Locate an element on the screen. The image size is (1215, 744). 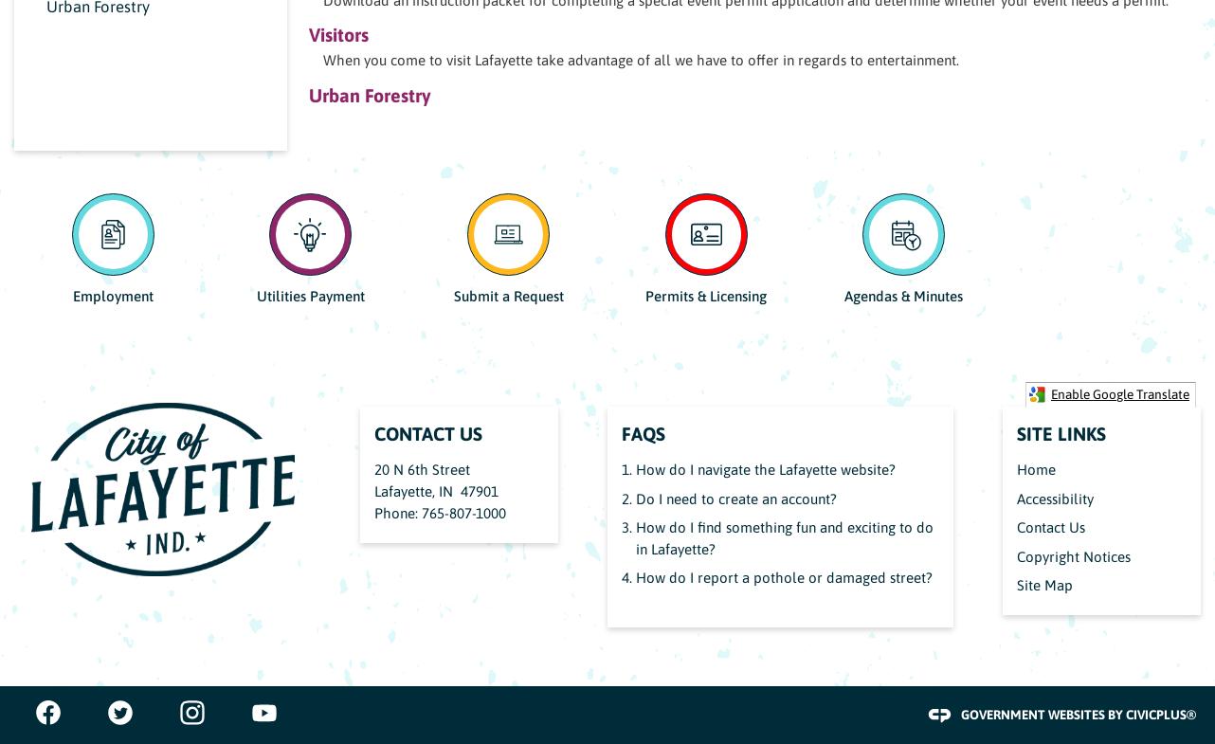
'Site Map' is located at coordinates (1044, 584).